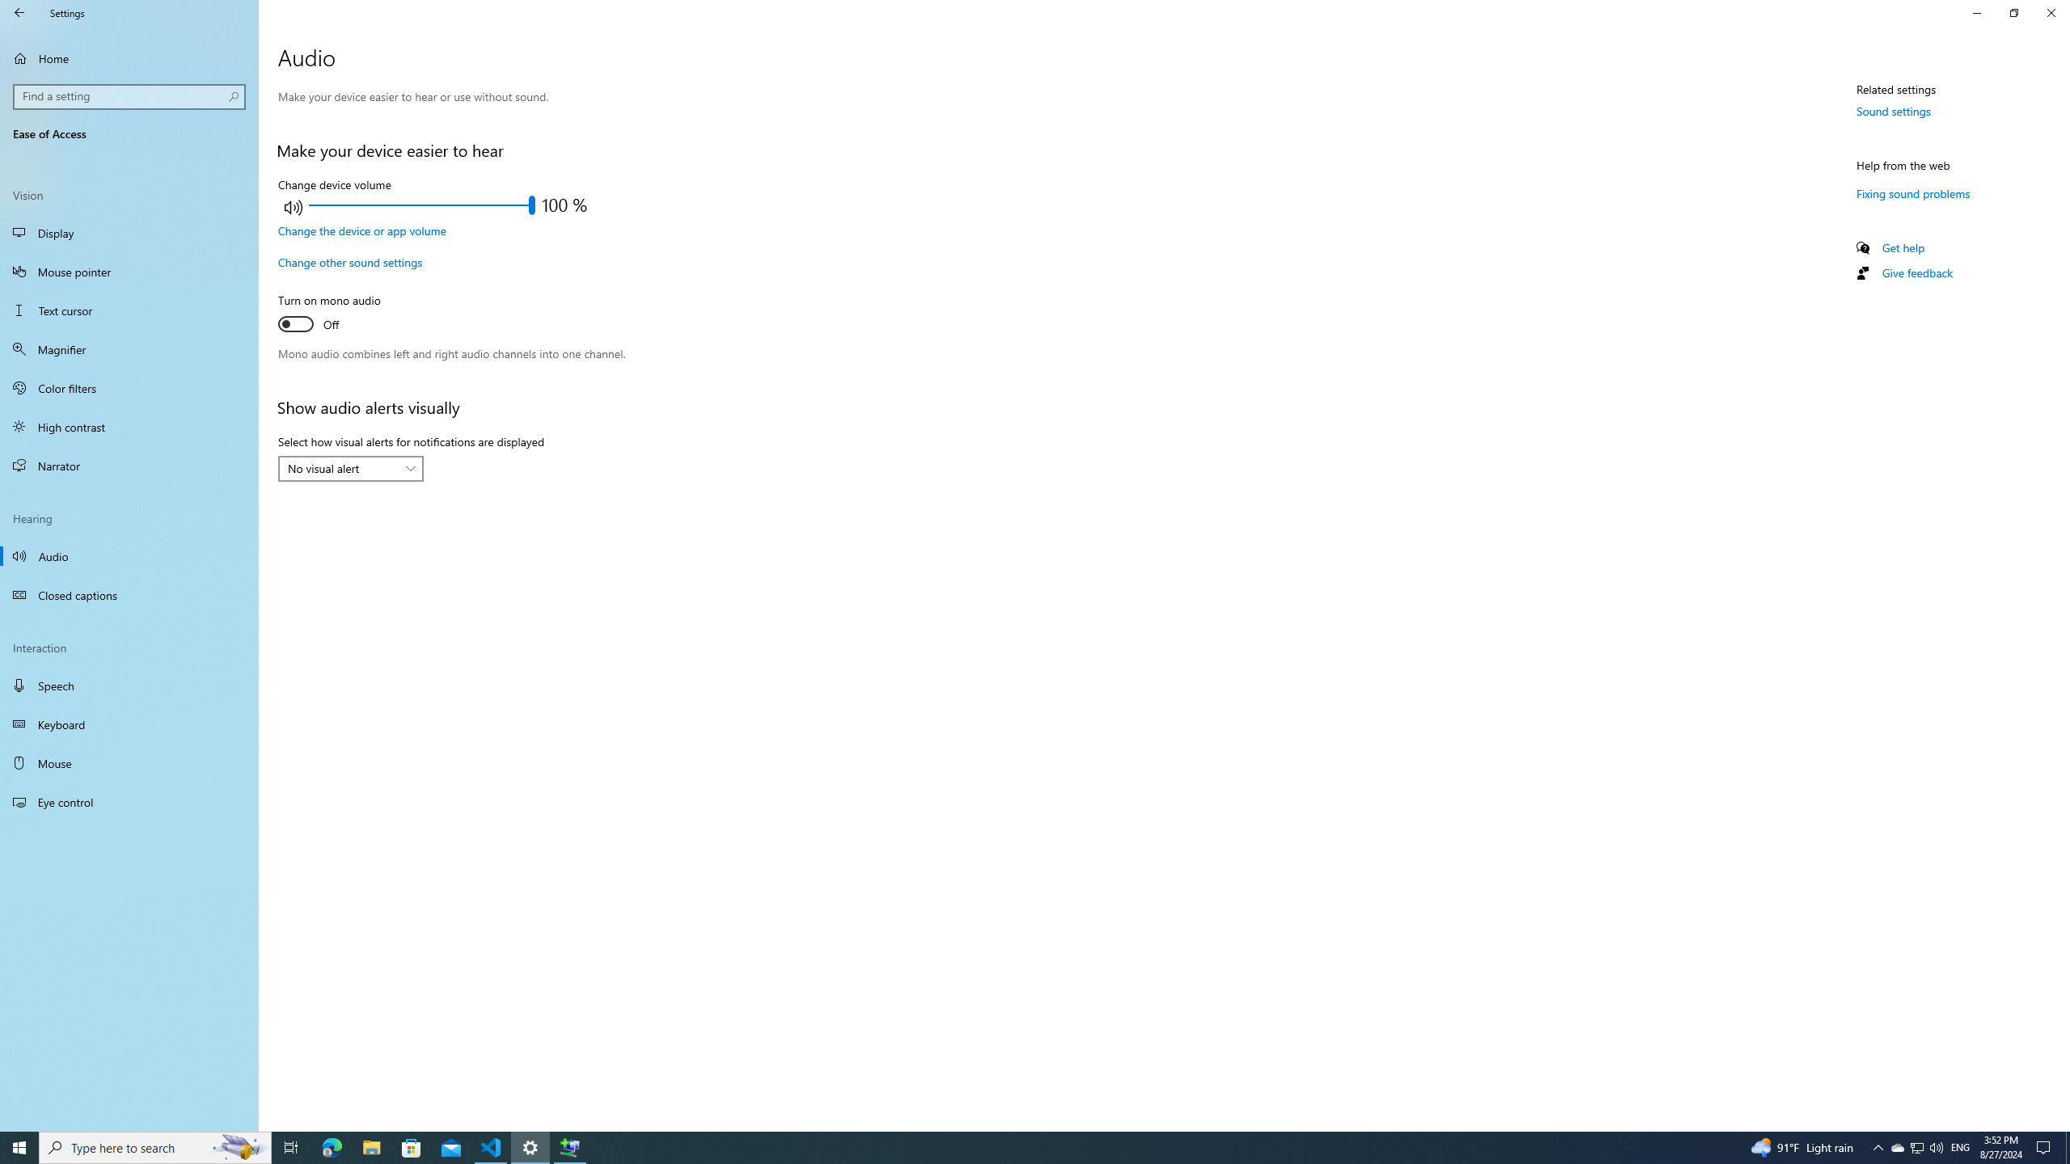  What do you see at coordinates (129, 349) in the screenshot?
I see `'Magnifier'` at bounding box center [129, 349].